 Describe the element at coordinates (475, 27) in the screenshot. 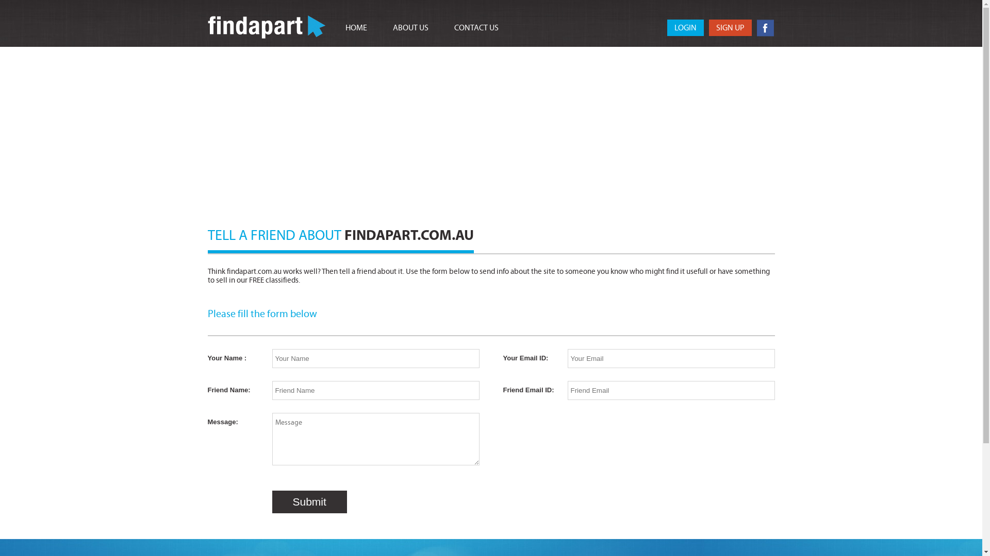

I see `'CONTACT US'` at that location.